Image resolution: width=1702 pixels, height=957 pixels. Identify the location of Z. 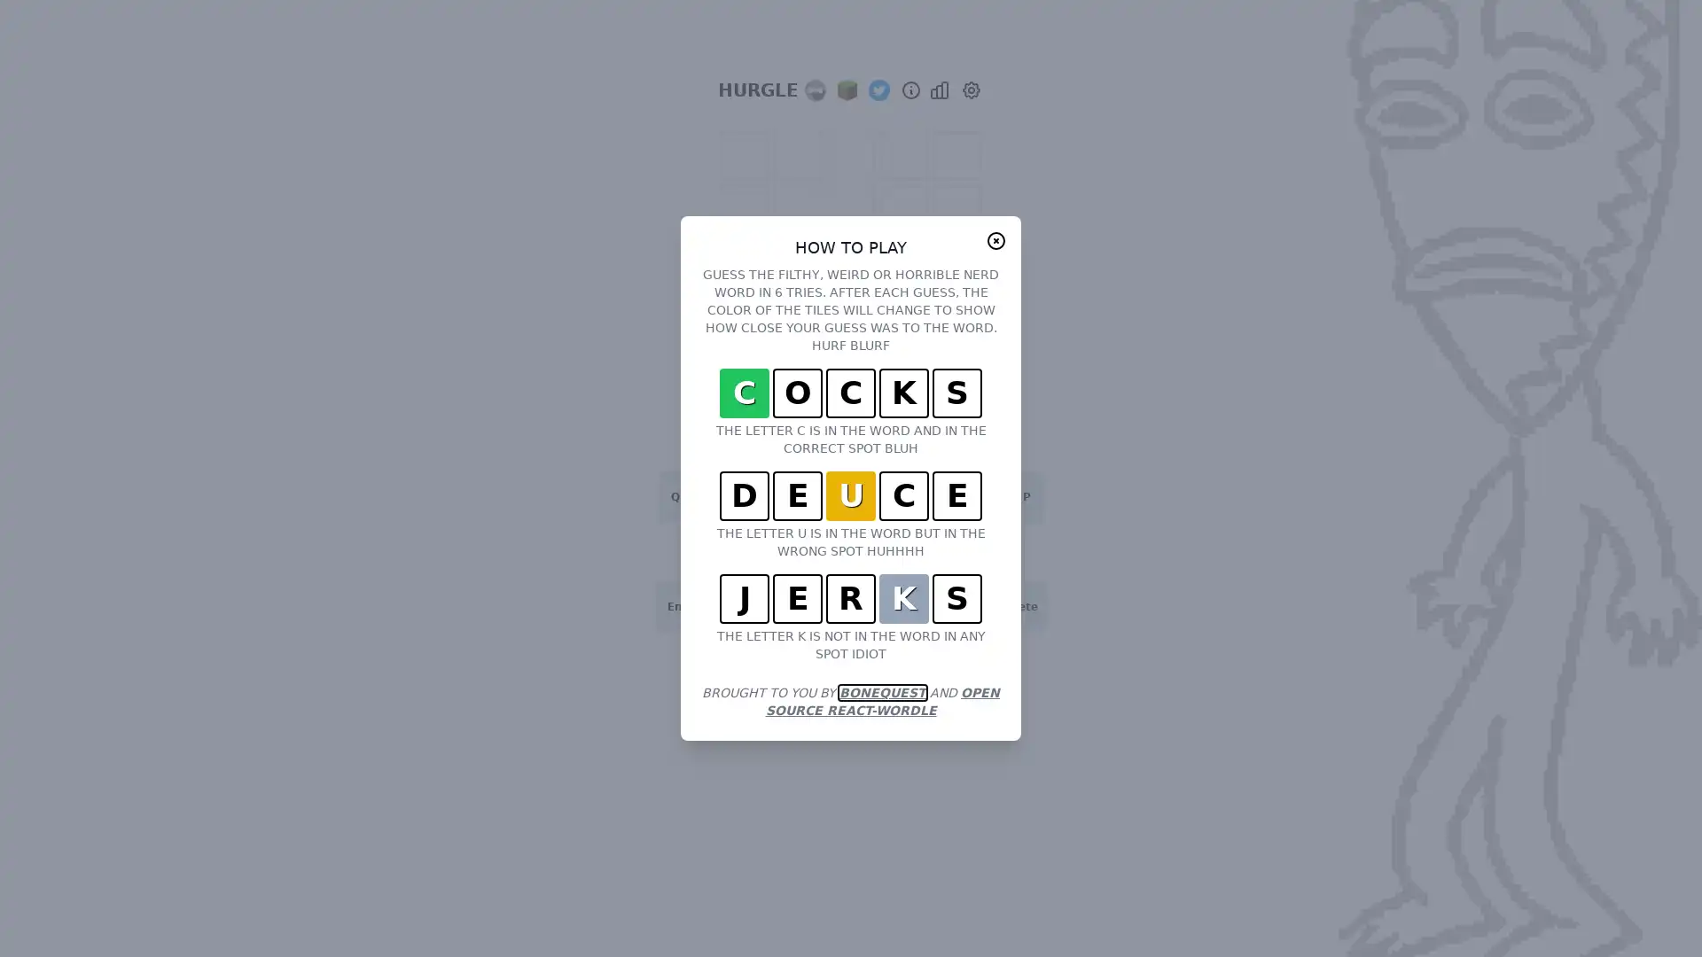
(734, 606).